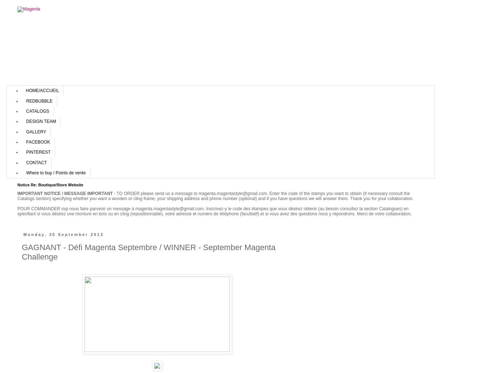 This screenshot has height=373, width=493. Describe the element at coordinates (26, 100) in the screenshot. I see `'REDBUBBLE'` at that location.